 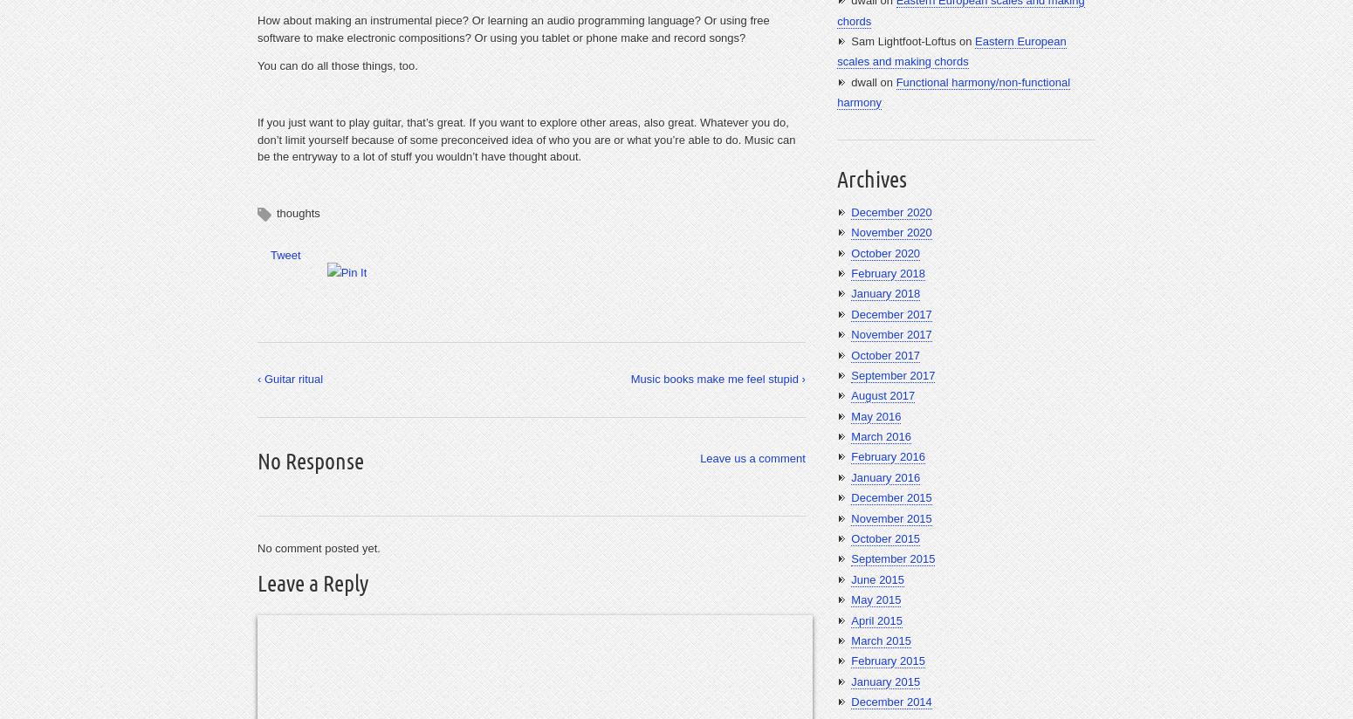 I want to click on 'September 2017', so click(x=849, y=373).